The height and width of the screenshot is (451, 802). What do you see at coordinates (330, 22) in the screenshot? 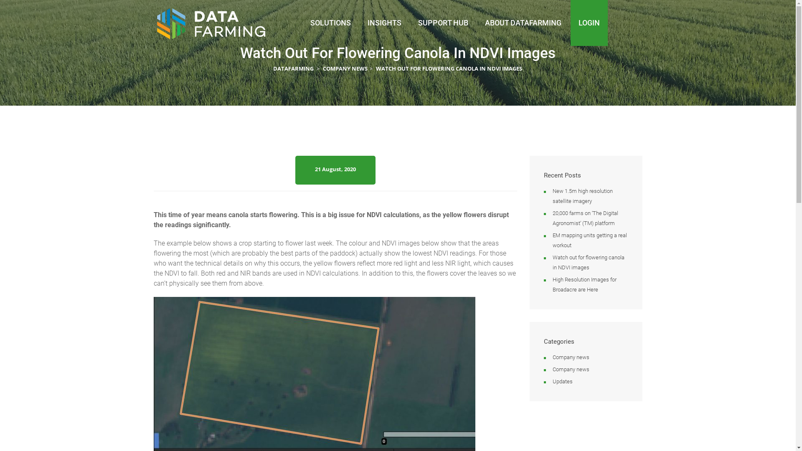
I see `'SOLUTIONS'` at bounding box center [330, 22].